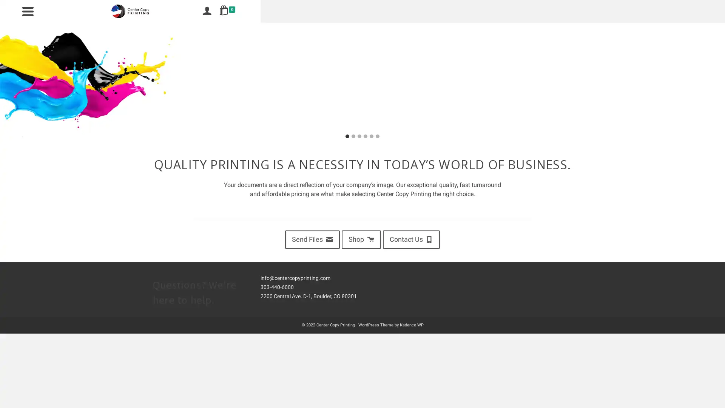 This screenshot has height=408, width=725. Describe the element at coordinates (371, 185) in the screenshot. I see `Go to slide 5` at that location.